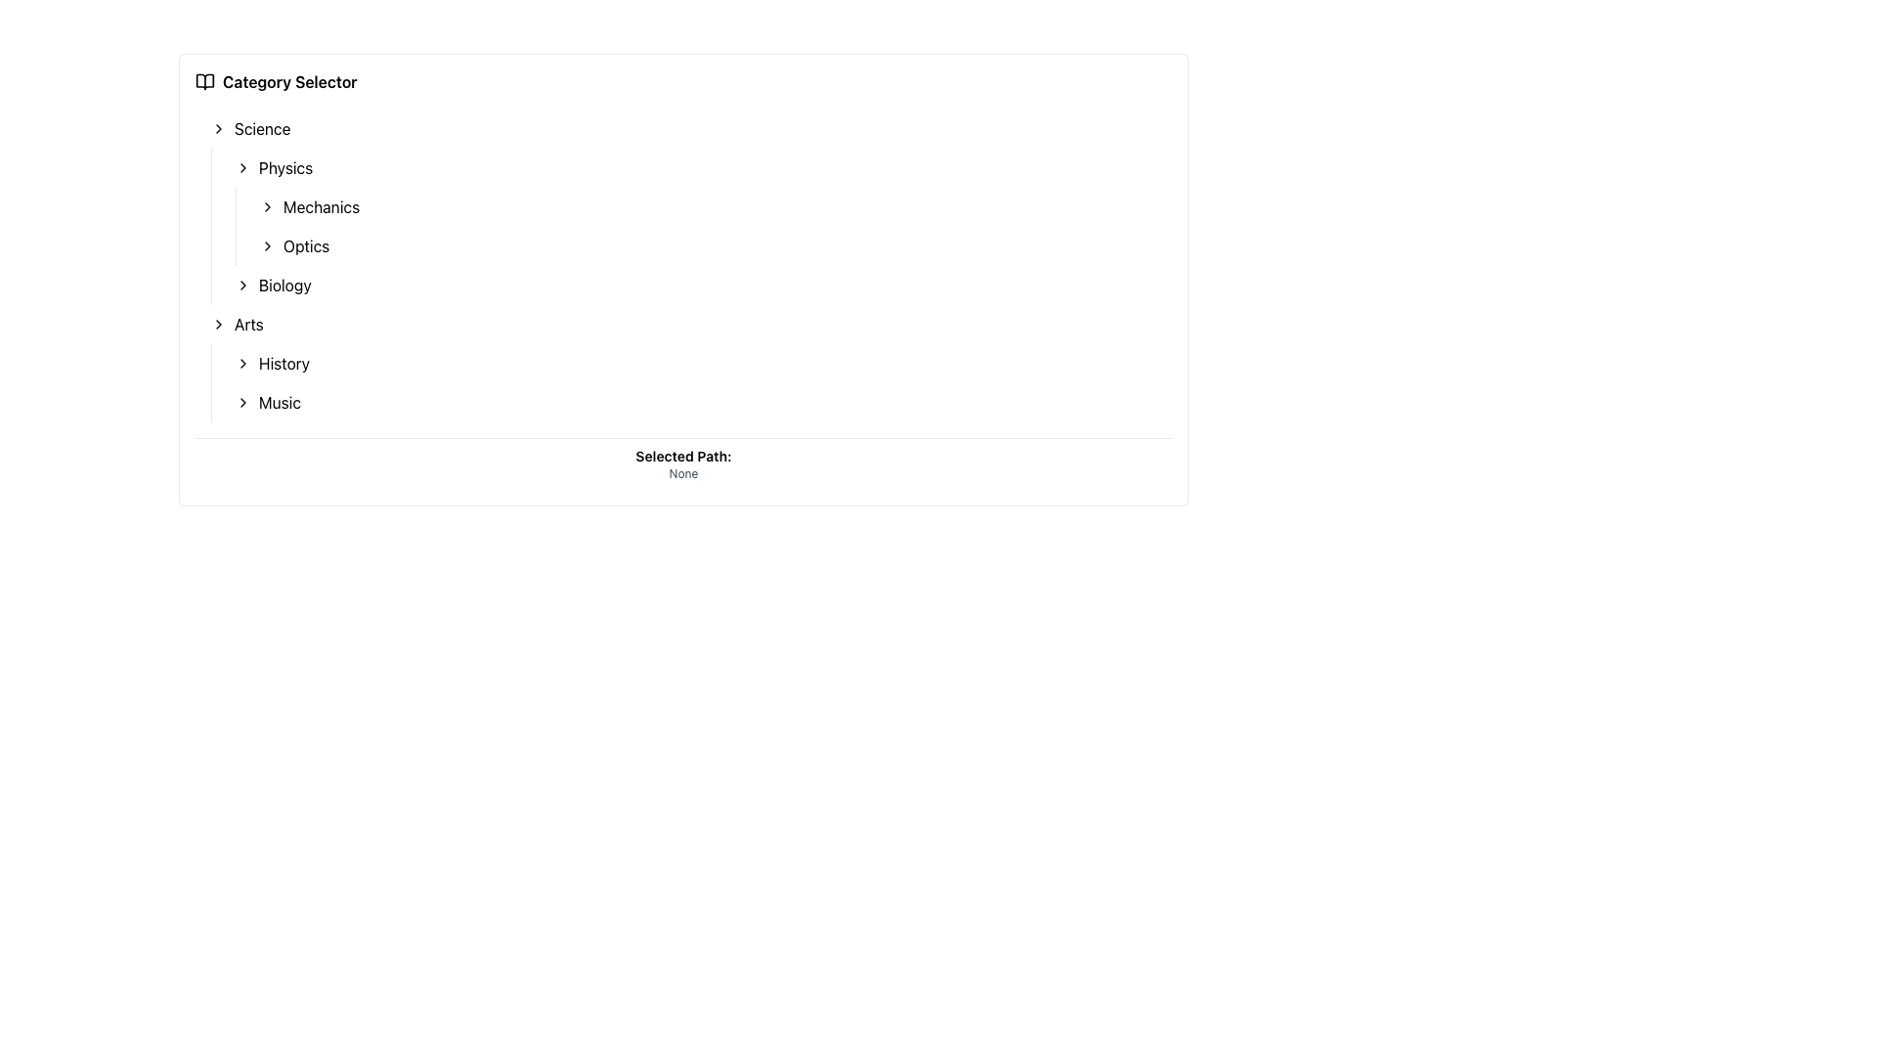 The width and height of the screenshot is (1877, 1056). I want to click on the 'History' text label which is visually grouped under the 'Arts' category in the hierarchical list interface, so click(284, 363).